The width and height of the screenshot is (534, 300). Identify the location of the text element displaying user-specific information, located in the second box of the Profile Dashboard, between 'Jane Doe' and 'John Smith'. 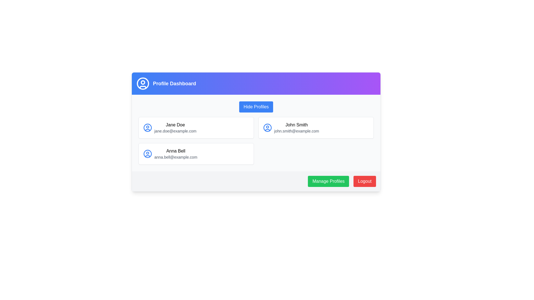
(175, 154).